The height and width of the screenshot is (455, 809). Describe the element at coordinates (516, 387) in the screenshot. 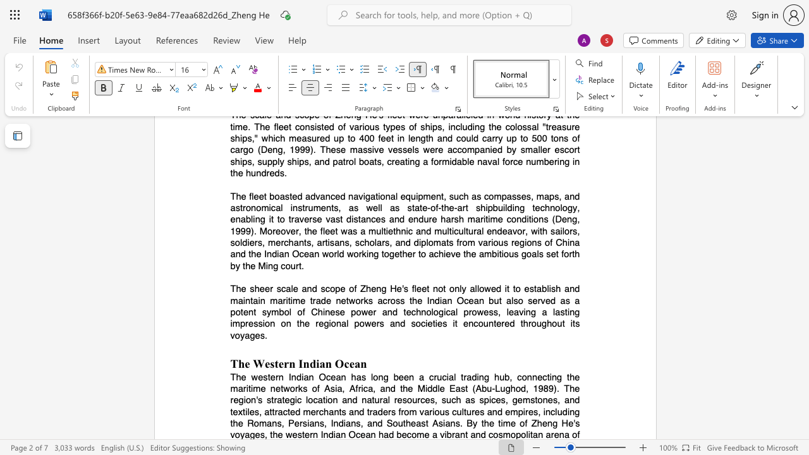

I see `the subset text "od, 1989). The region" within the text "The western Indian Ocean has long been a crucial trading hub, connecting the maritime networks of Asia, Africa, and the Middle East (Abu-Lughod, 1989). The region"` at that location.